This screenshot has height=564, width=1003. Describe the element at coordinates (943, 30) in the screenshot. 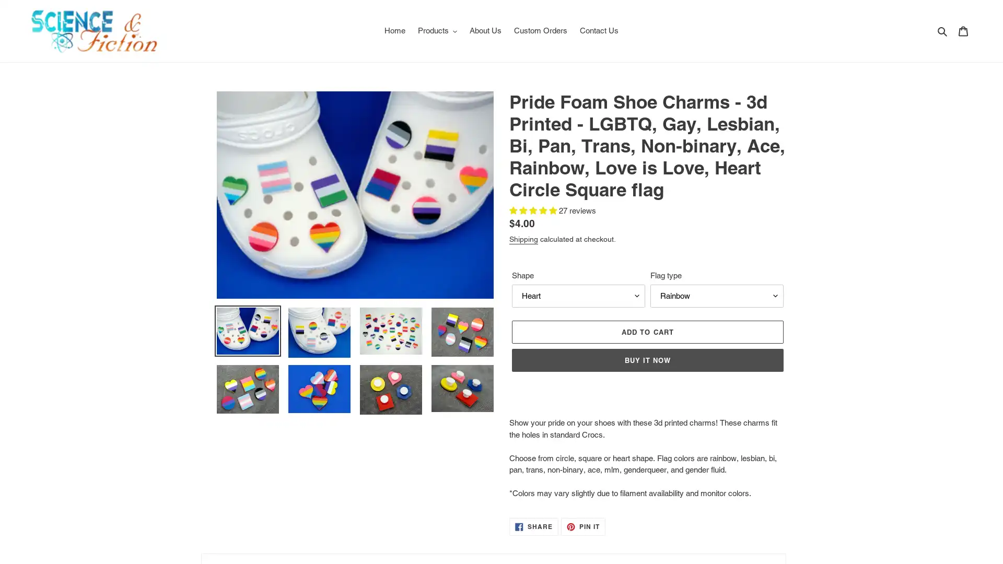

I see `Search` at that location.